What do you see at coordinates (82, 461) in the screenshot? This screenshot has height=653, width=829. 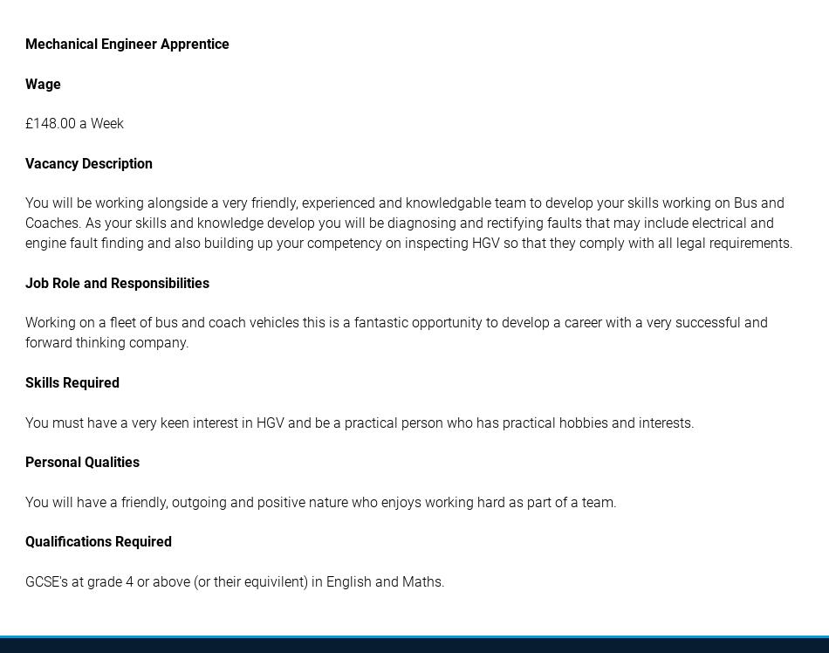 I see `'Personal Qualities'` at bounding box center [82, 461].